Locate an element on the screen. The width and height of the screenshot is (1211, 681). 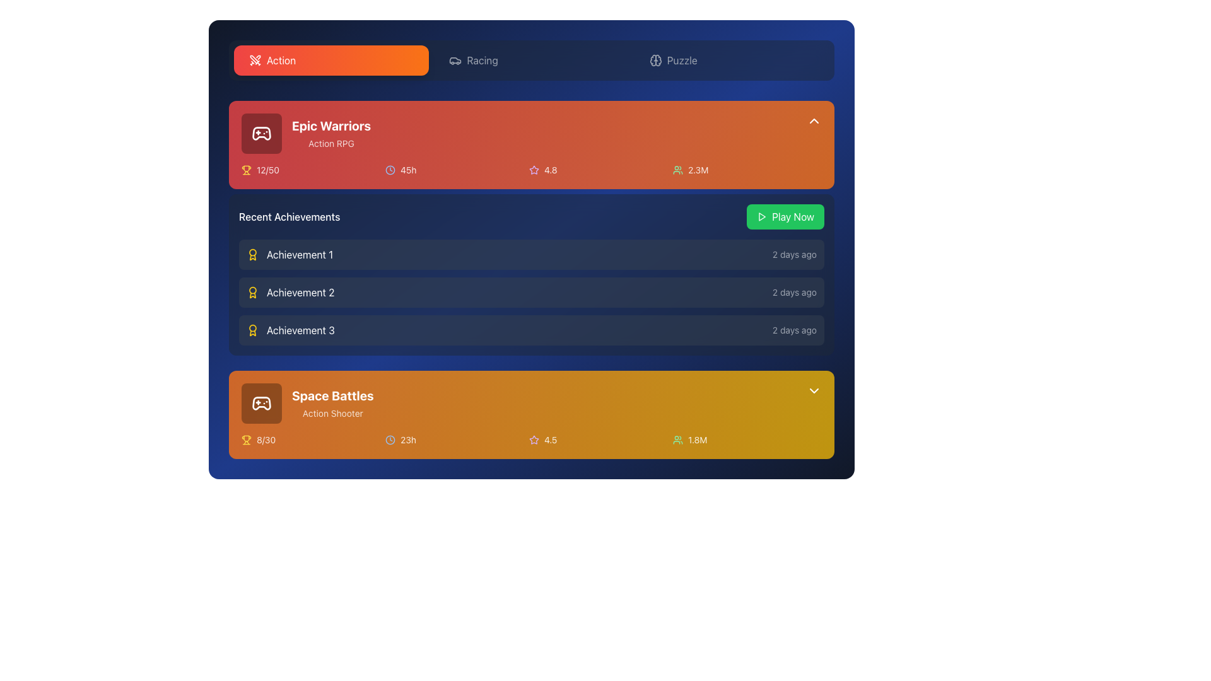
the text element that displays the genre 'Space Battles', located beneath the larger bold text within the orange card section at the bottom of the component is located at coordinates (332, 413).